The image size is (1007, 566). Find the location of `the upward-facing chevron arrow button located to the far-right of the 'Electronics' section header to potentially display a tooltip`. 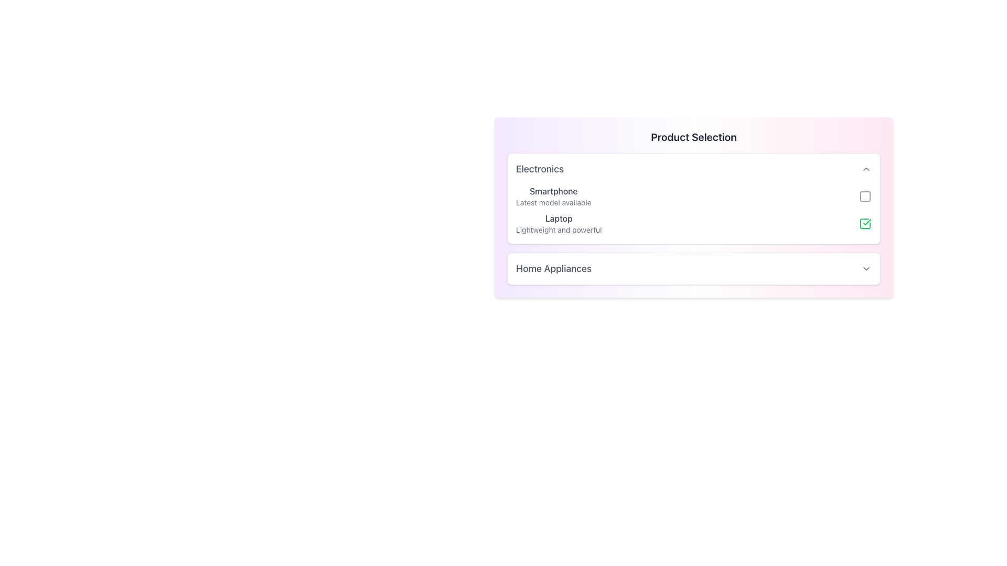

the upward-facing chevron arrow button located to the far-right of the 'Electronics' section header to potentially display a tooltip is located at coordinates (866, 169).